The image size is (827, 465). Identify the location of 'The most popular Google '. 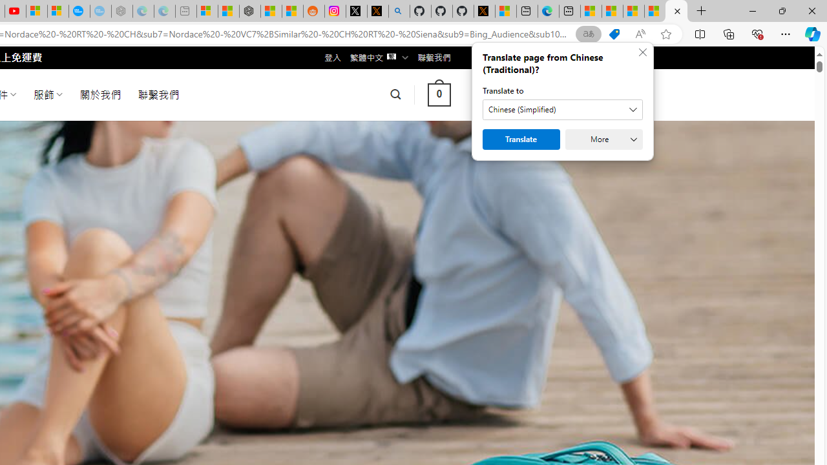
(99, 11).